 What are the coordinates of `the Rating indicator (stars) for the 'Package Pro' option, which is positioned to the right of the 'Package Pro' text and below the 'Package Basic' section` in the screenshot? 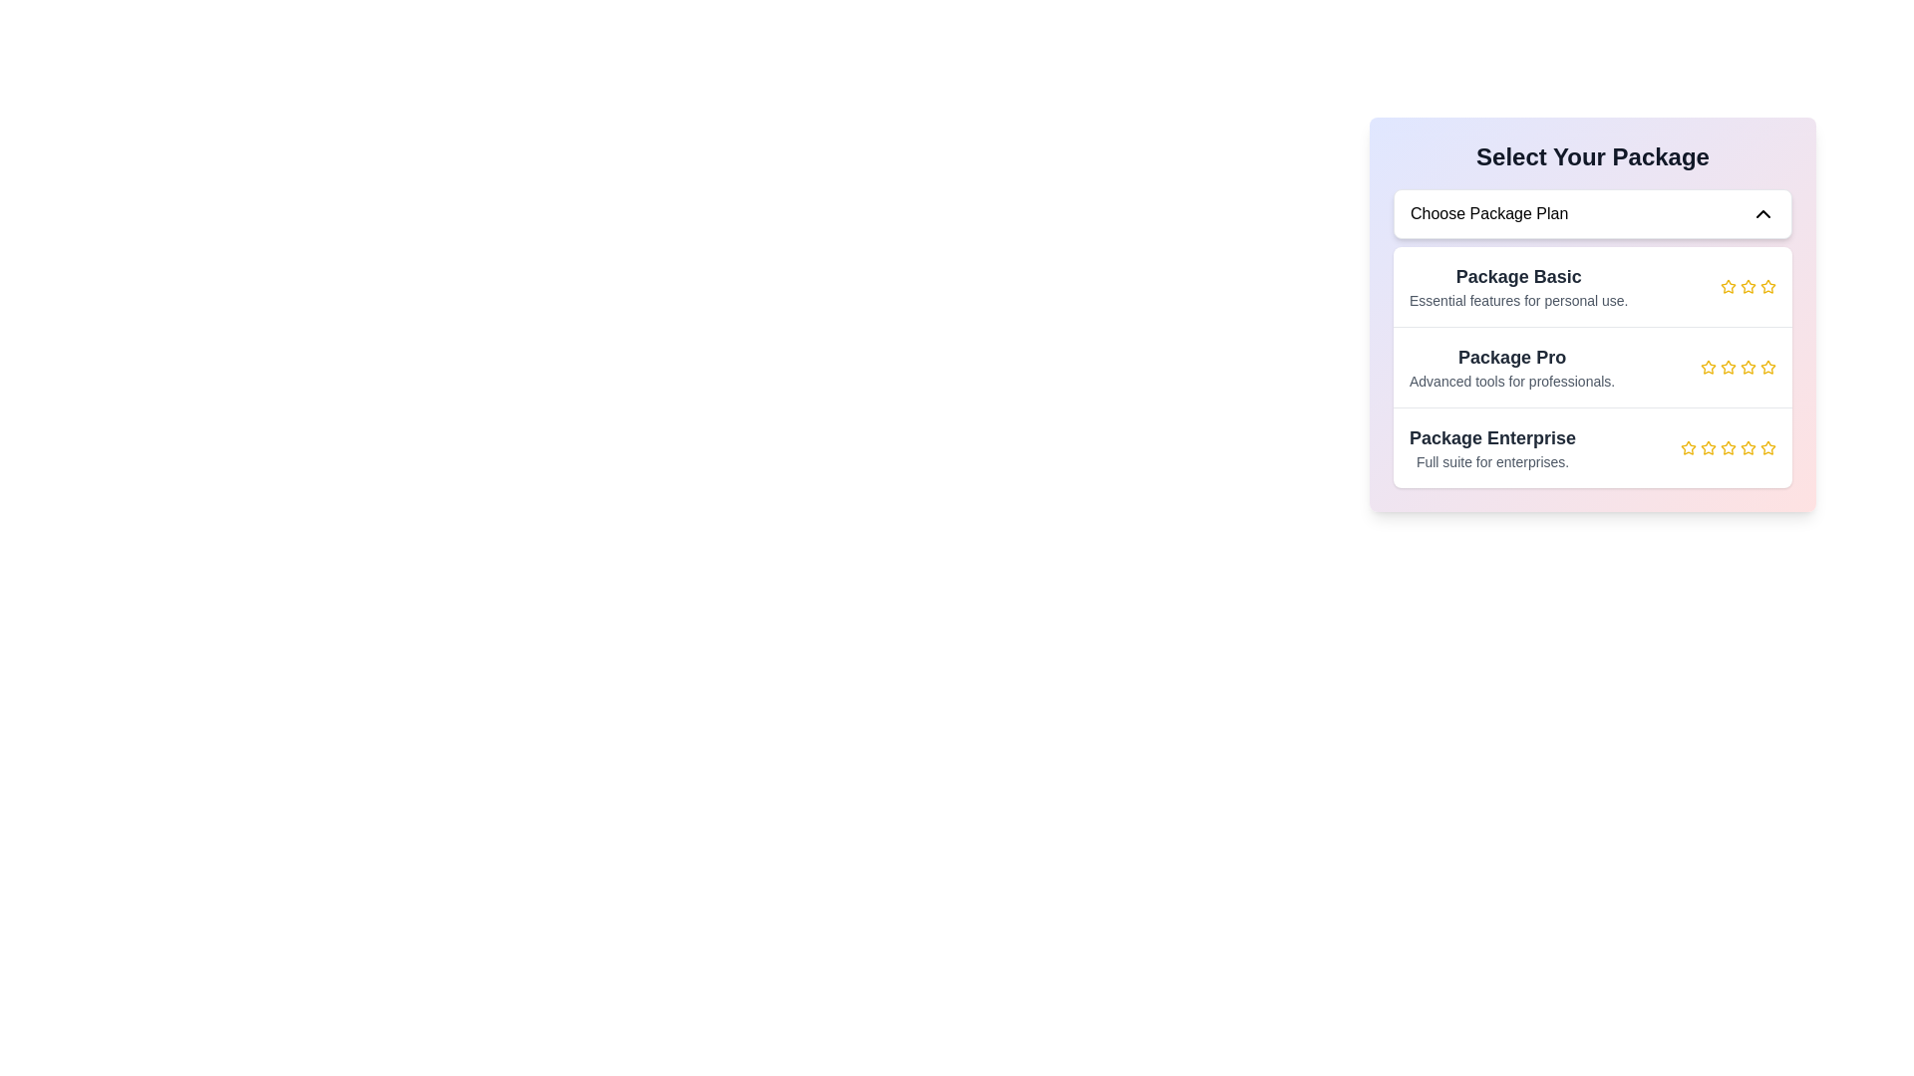 It's located at (1737, 368).